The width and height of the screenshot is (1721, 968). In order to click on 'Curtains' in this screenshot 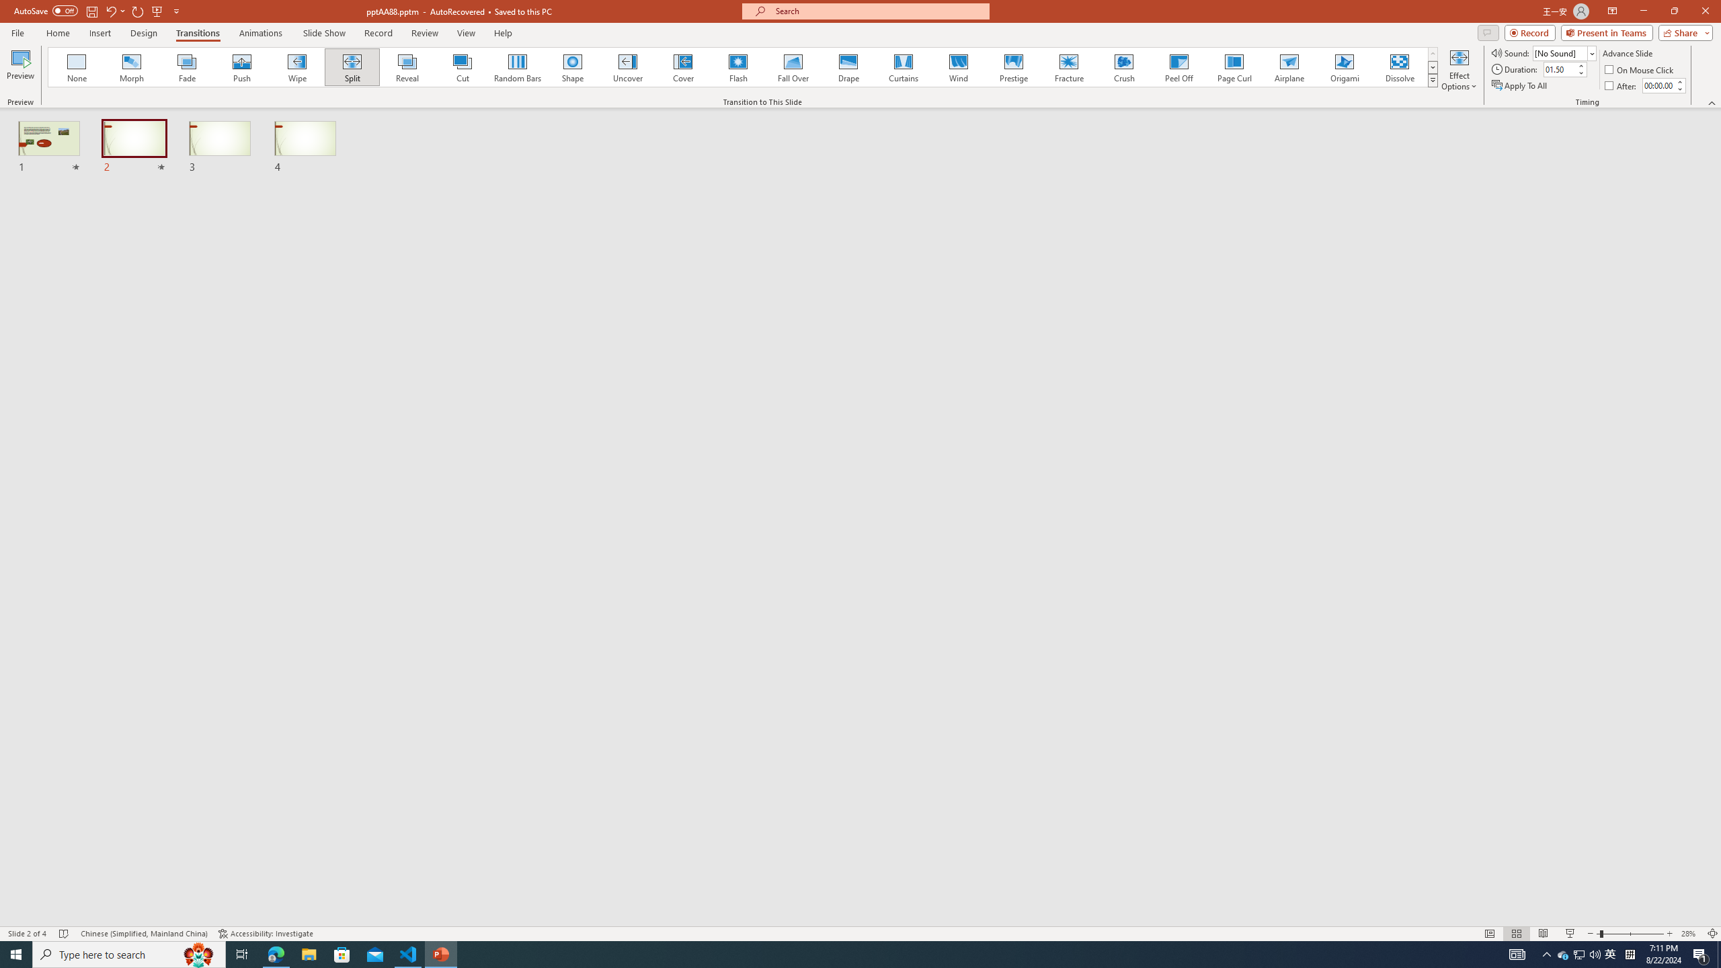, I will do `click(904, 67)`.